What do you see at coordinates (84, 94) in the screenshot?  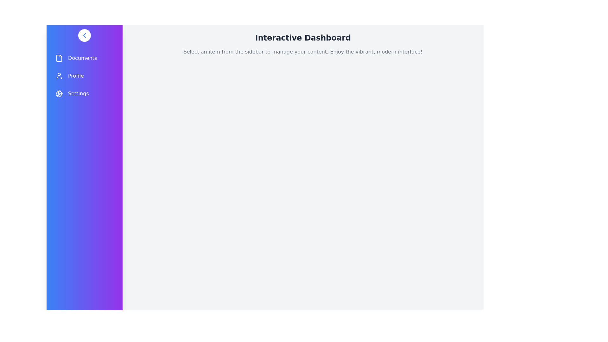 I see `the navigation item labeled Settings` at bounding box center [84, 94].